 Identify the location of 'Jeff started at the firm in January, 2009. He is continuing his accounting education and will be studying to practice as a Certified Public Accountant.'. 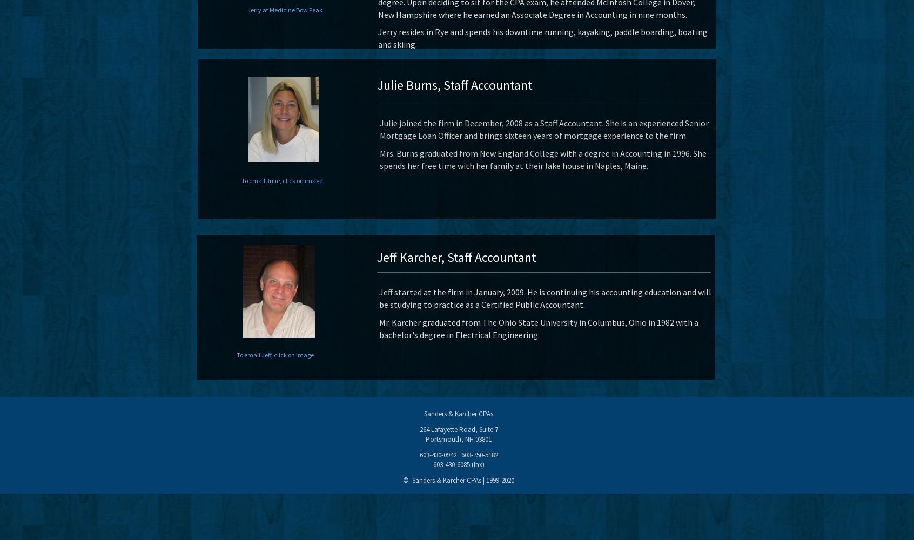
(379, 298).